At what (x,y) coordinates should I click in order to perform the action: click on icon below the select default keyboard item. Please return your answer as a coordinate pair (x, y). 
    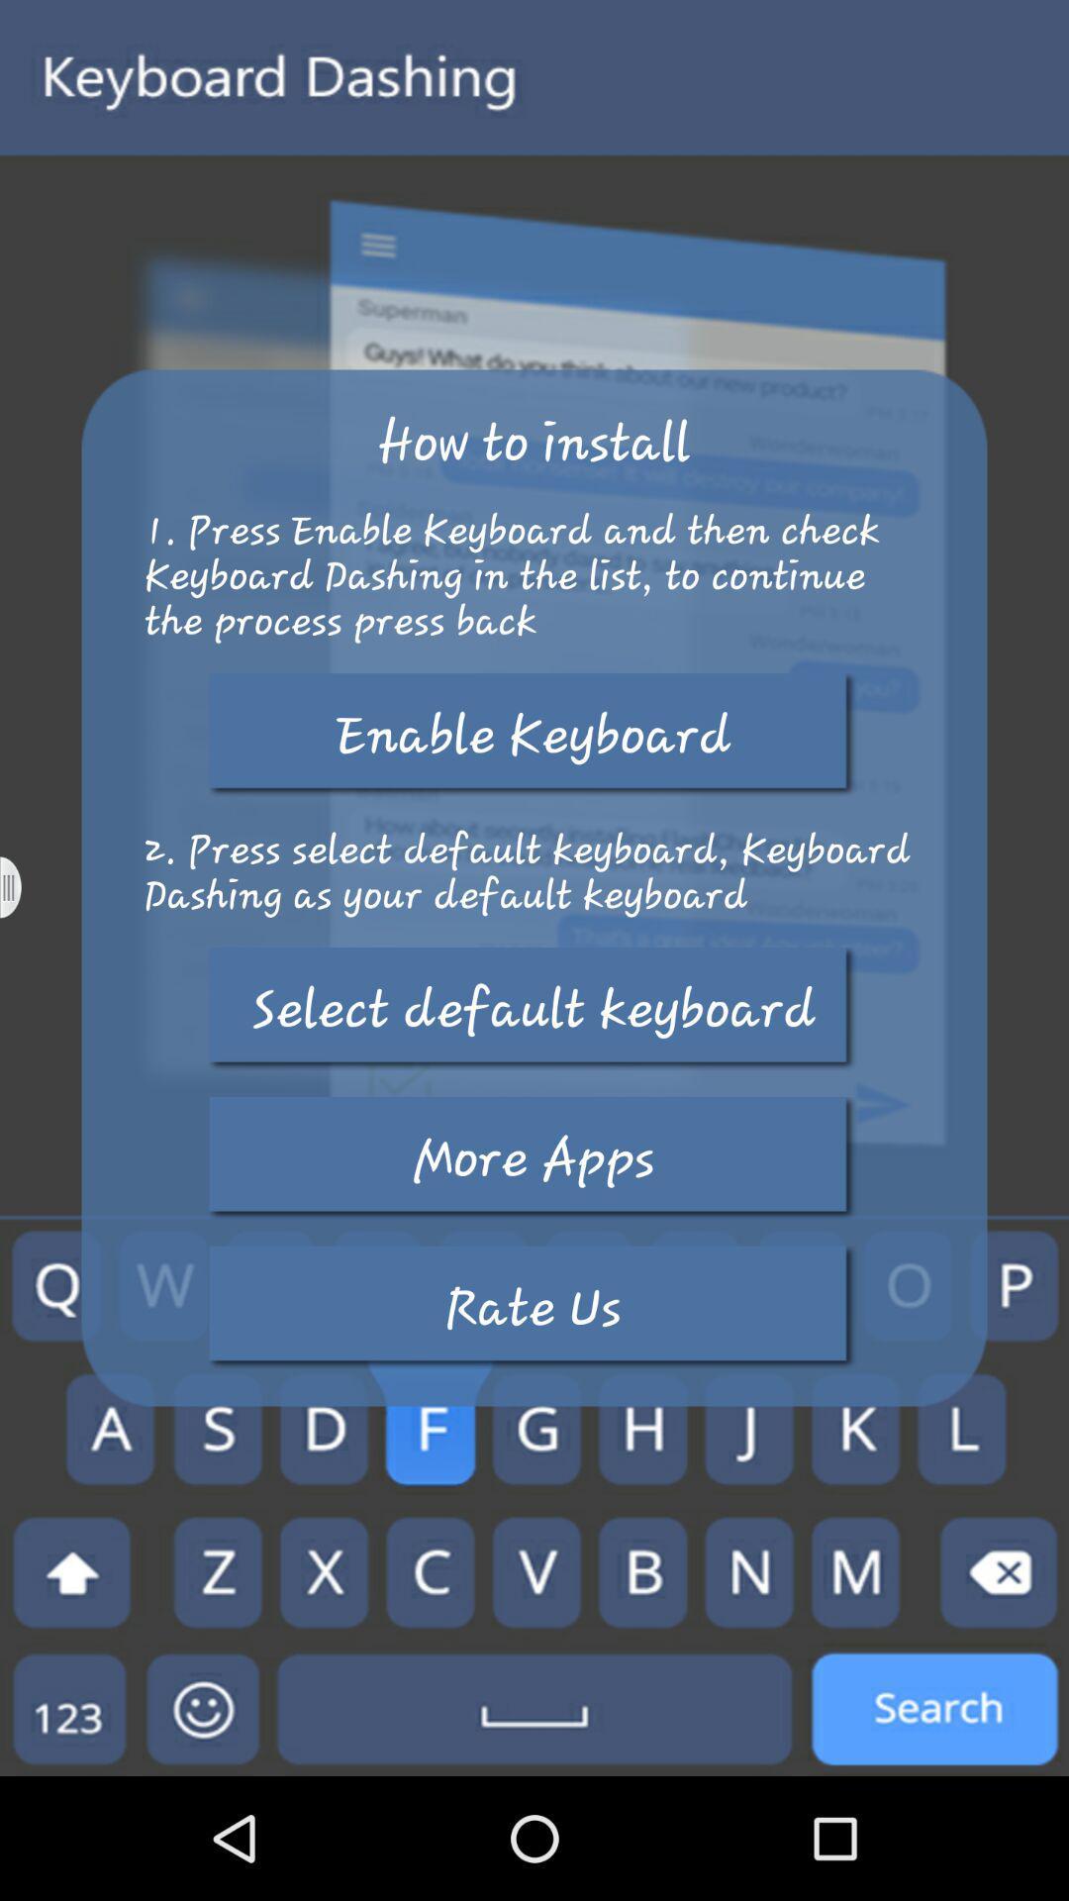
    Looking at the image, I should click on (533, 1158).